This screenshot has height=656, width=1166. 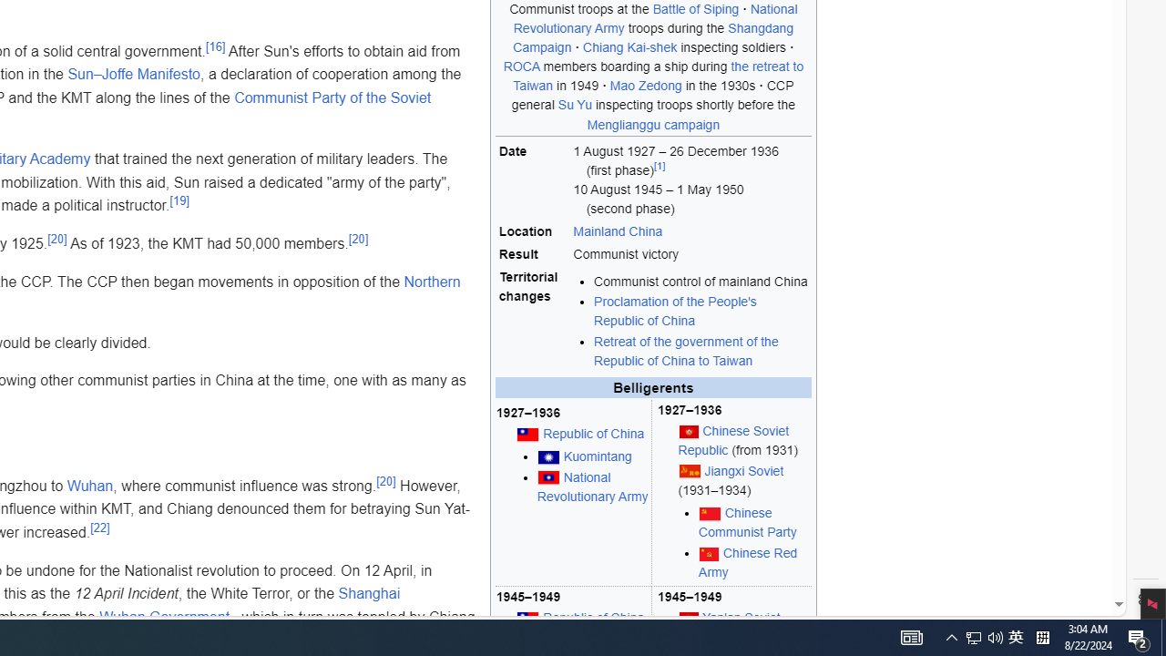 What do you see at coordinates (653, 386) in the screenshot?
I see `'Belligerents'` at bounding box center [653, 386].